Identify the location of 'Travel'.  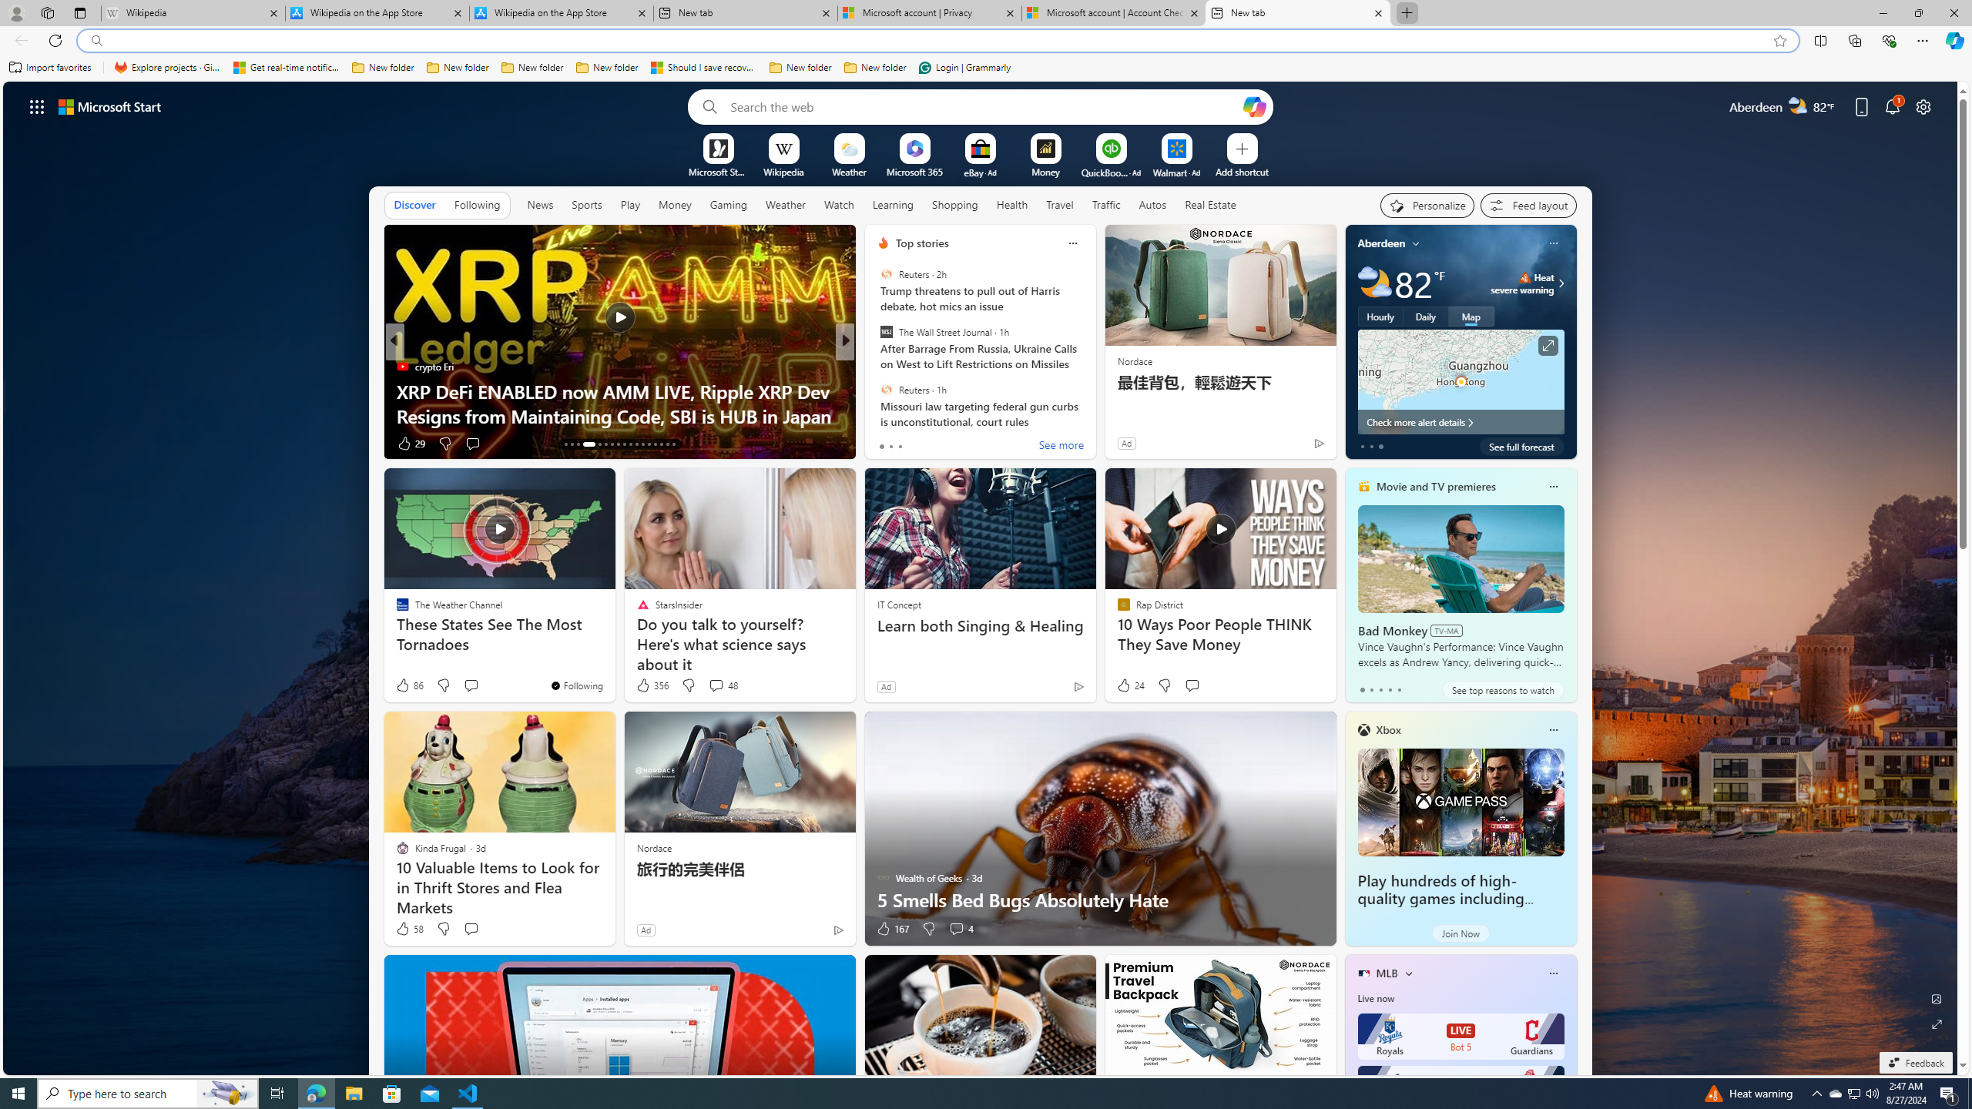
(1059, 204).